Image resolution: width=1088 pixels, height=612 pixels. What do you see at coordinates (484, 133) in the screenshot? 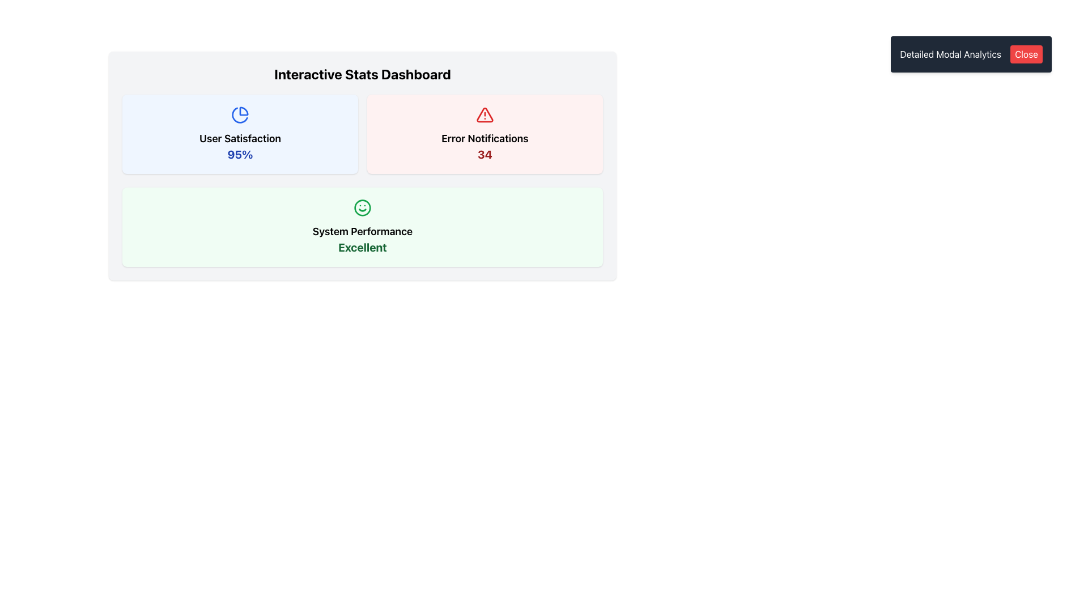
I see `the informational panel that displays the current number of error notifications, located on the right side of the layout, adjacent to the 'User Satisfaction' blue box and above the 'System Performance' green box` at bounding box center [484, 133].